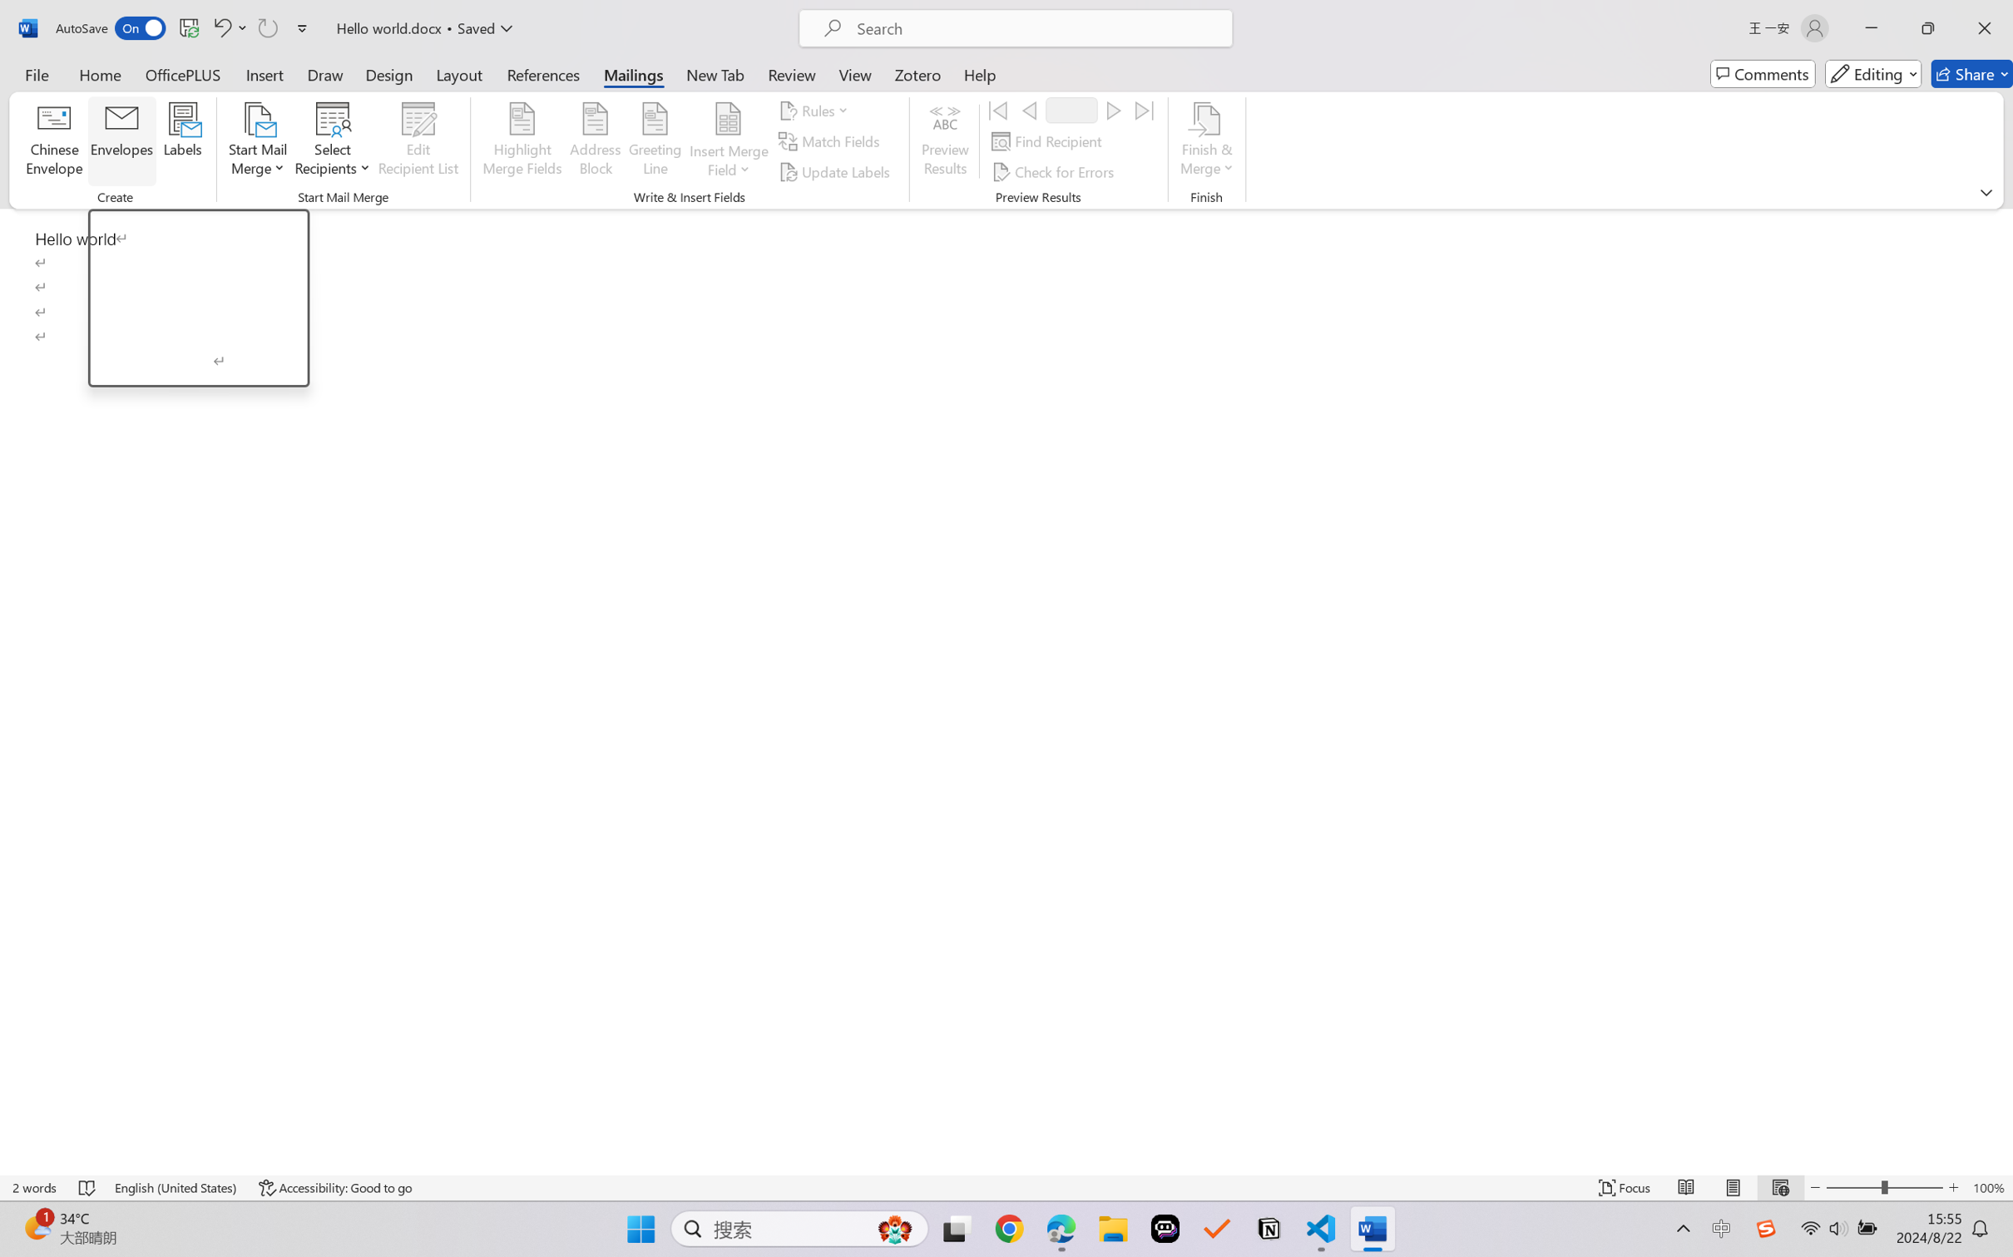  I want to click on 'References', so click(543, 73).